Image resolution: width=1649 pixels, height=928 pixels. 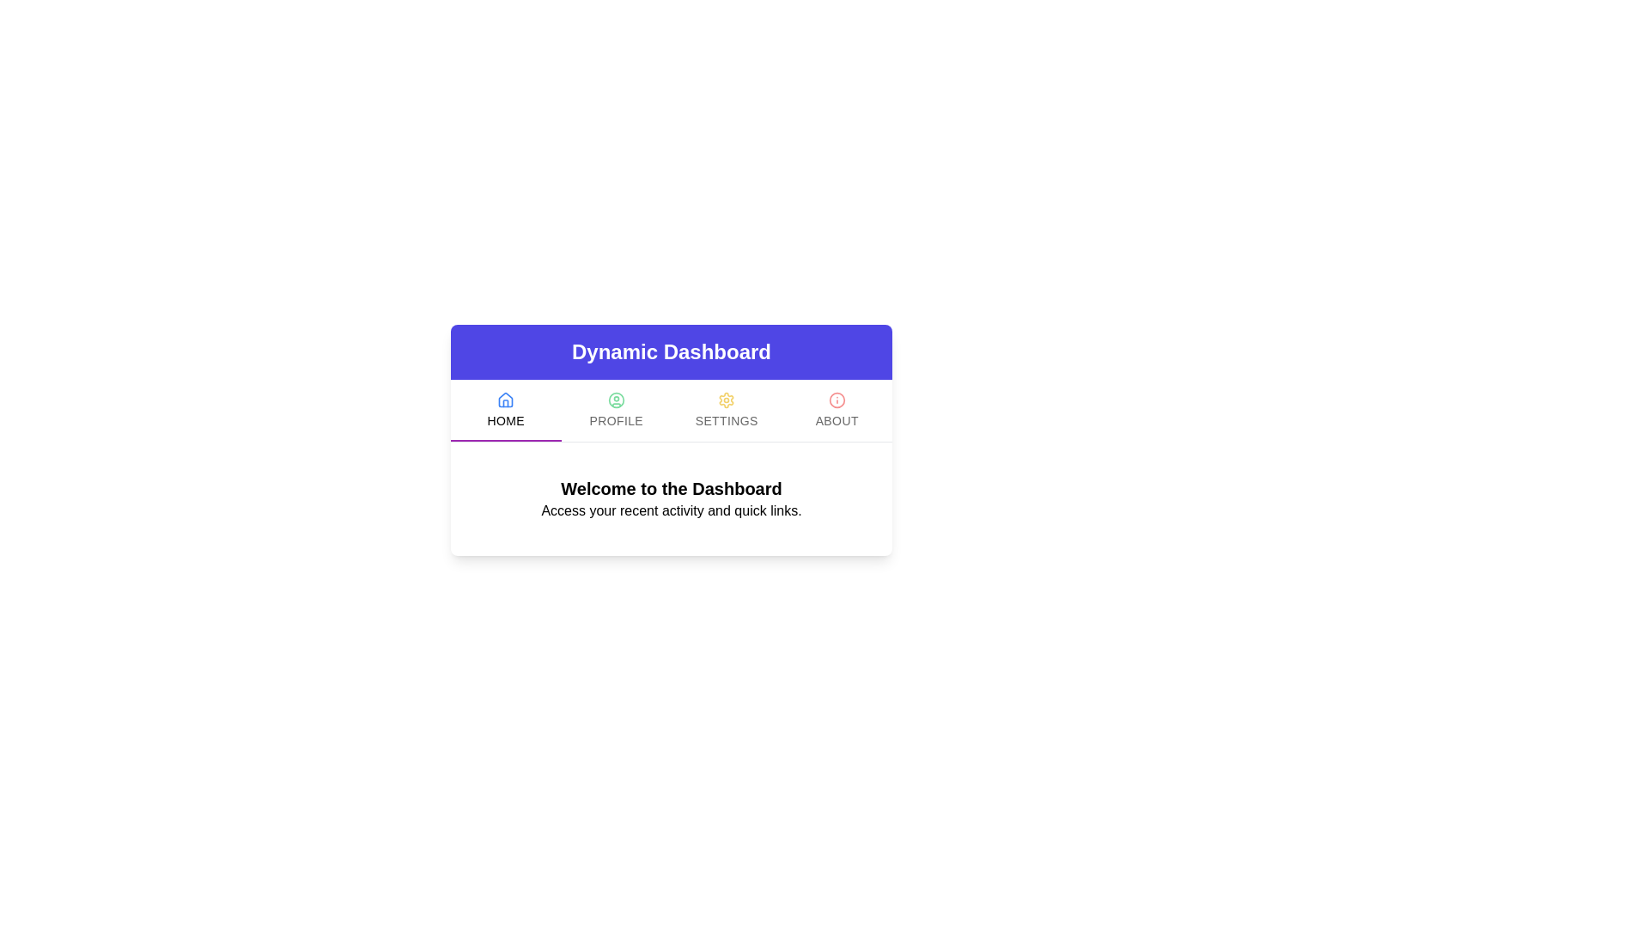 What do you see at coordinates (671, 510) in the screenshot?
I see `the text label that reads 'Access your recent activity and quick links.', which is located directly below the bold header 'Welcome to the Dashboard.'` at bounding box center [671, 510].